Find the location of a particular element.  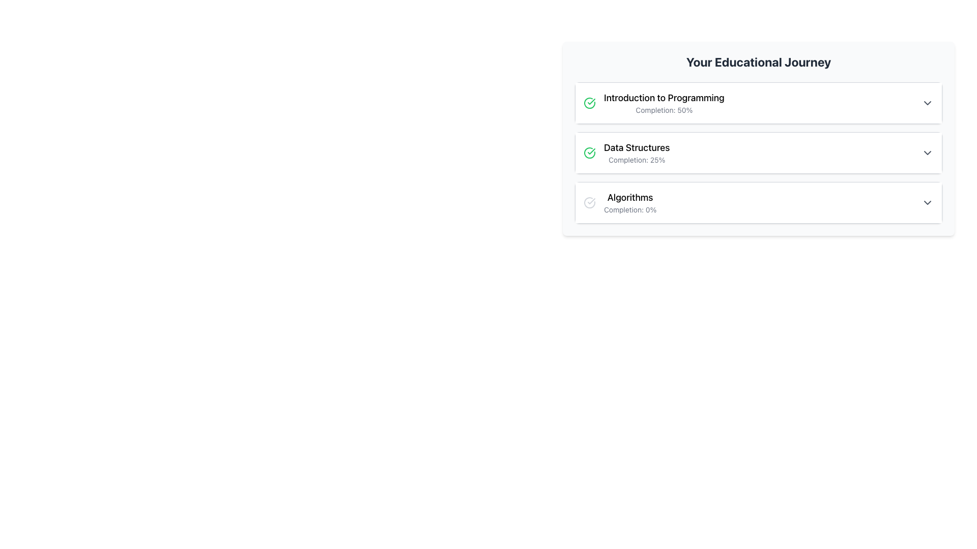

text label that displays 'Introduction to Programming' and 'Completion: 50%' located in the upper right section of the window, above the modules labeled 'Data Structures' and 'Algorithms' is located at coordinates (664, 103).